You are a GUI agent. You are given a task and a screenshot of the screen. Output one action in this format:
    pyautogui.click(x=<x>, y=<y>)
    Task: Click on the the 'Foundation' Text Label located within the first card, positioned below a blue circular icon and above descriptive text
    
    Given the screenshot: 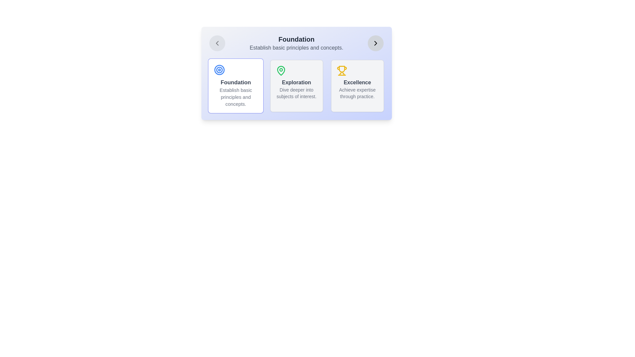 What is the action you would take?
    pyautogui.click(x=235, y=82)
    